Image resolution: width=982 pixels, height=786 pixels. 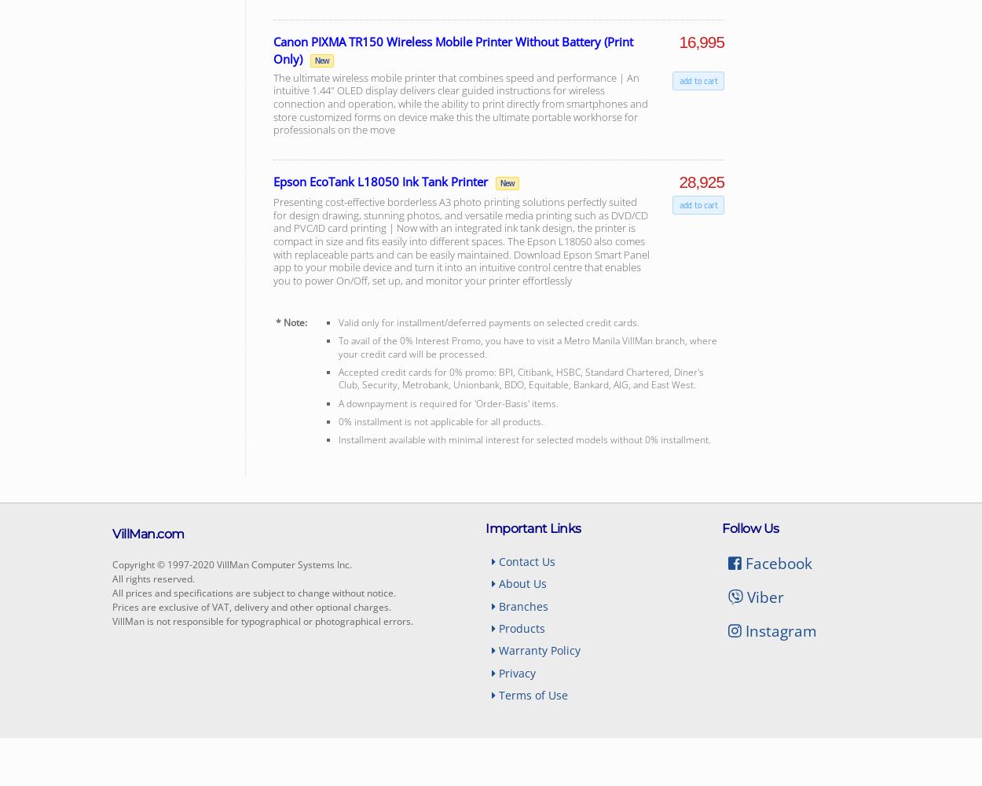 I want to click on 'Contact Us', so click(x=496, y=560).